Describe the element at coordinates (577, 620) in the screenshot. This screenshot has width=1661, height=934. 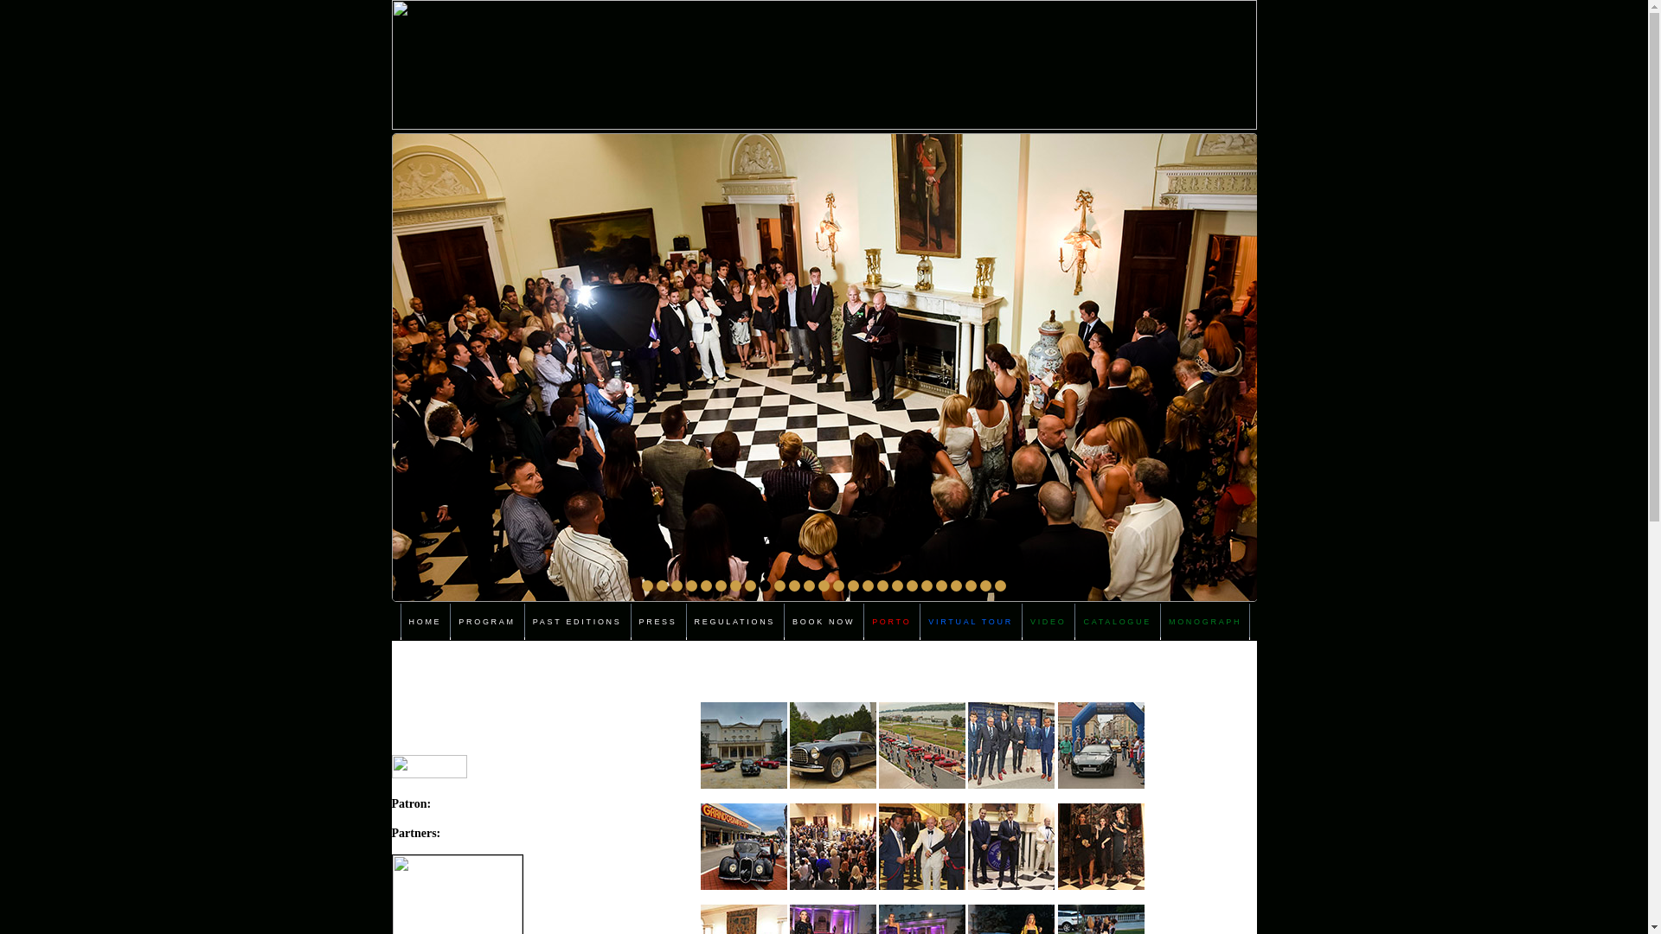
I see `'PAST EDITIONS'` at that location.